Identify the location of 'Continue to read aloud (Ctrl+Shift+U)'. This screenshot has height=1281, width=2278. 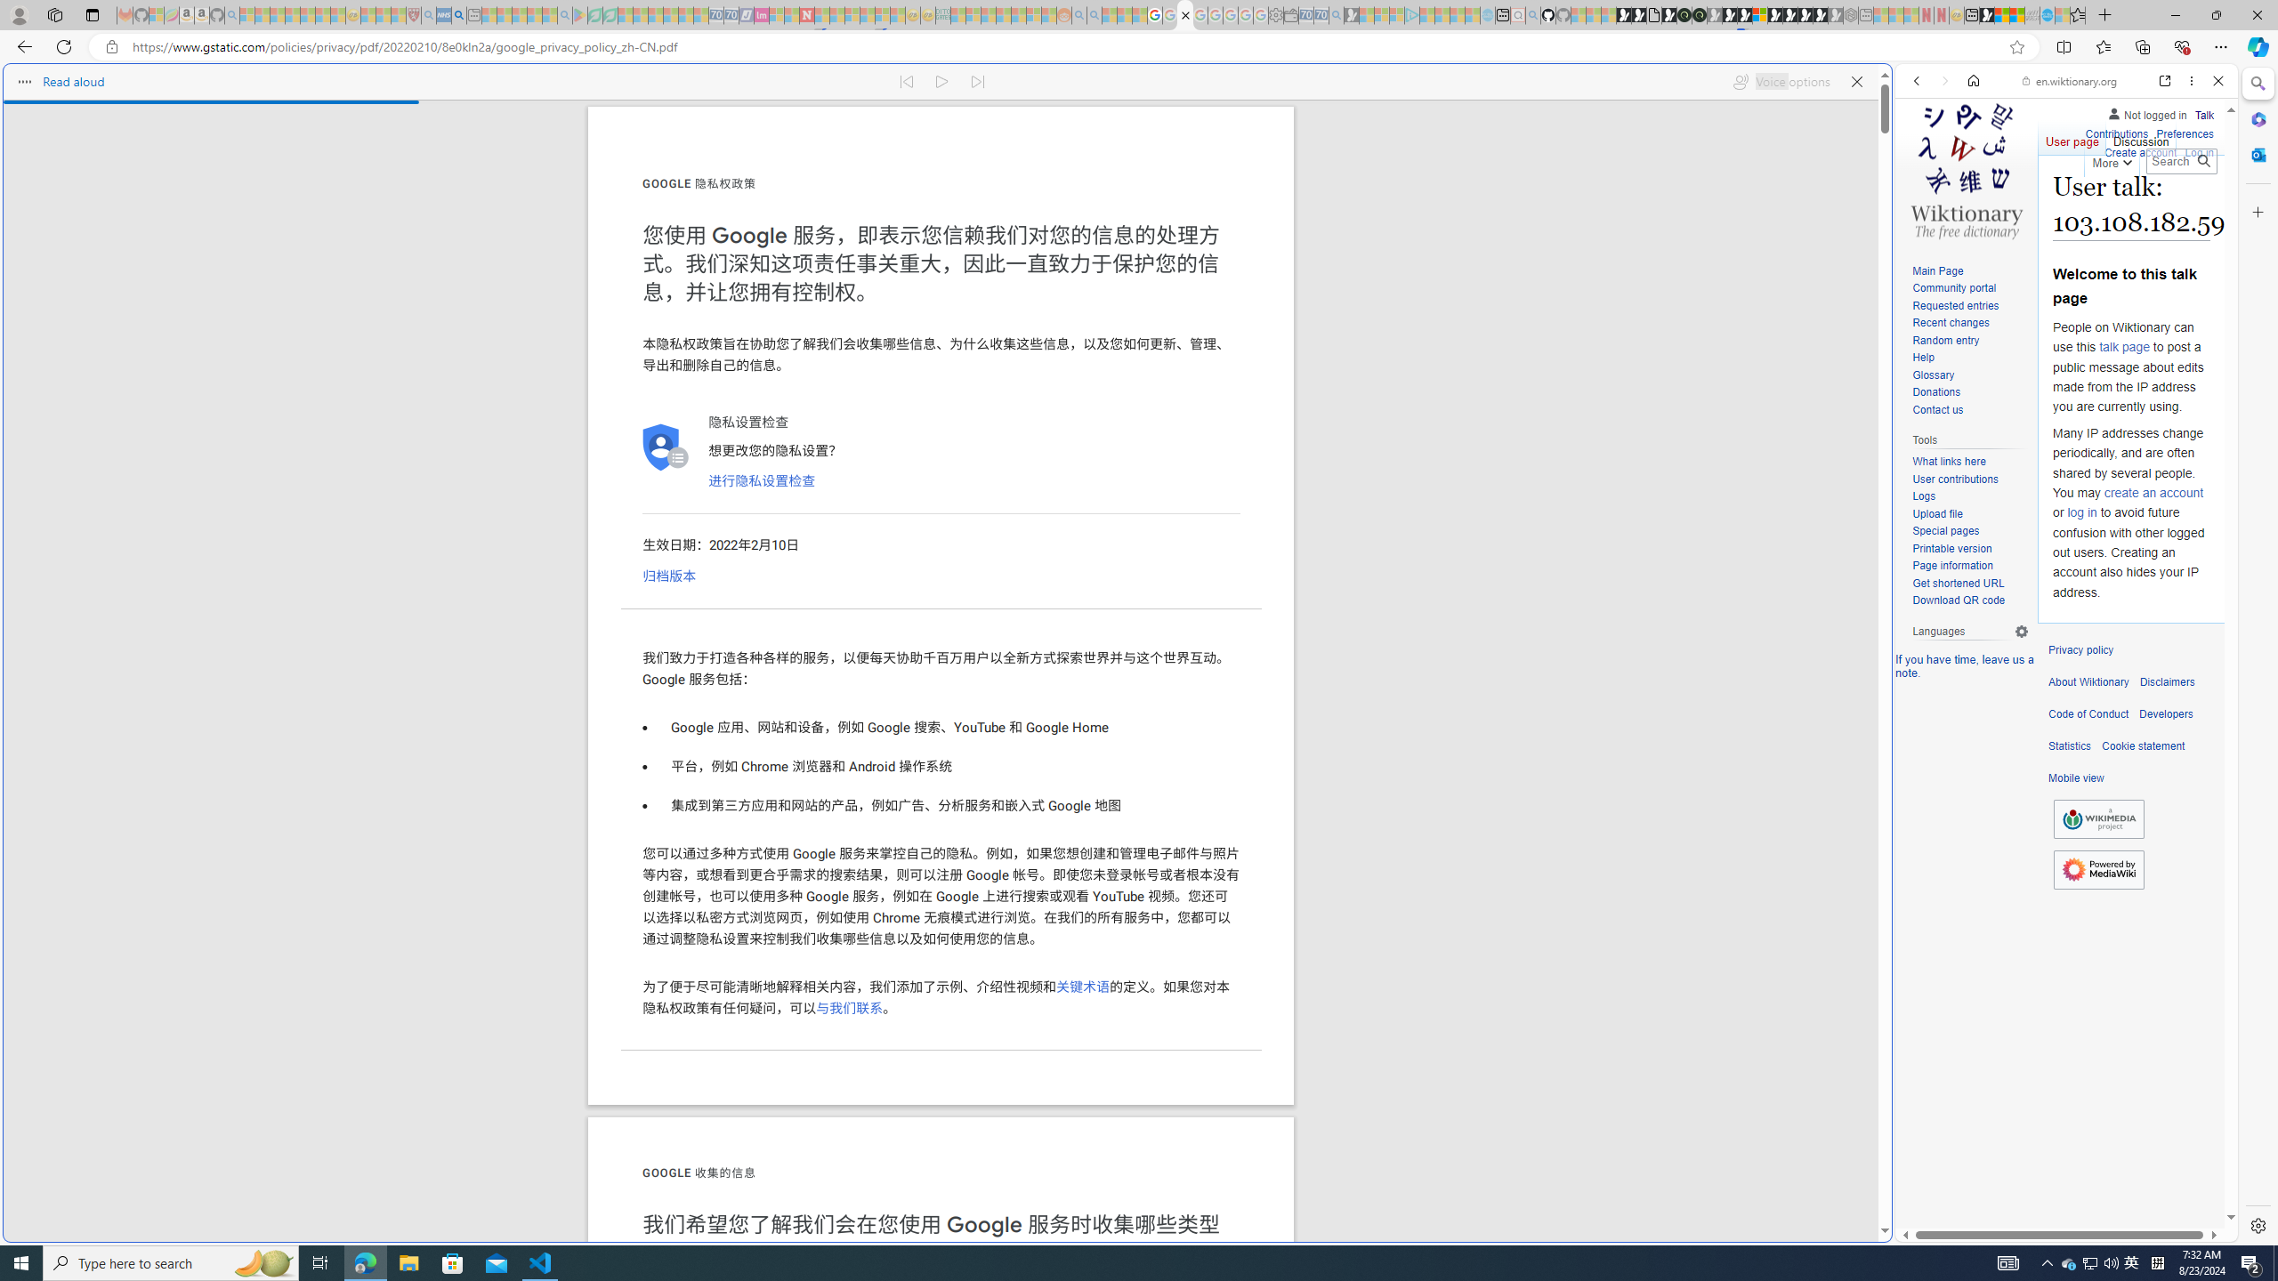
(942, 81).